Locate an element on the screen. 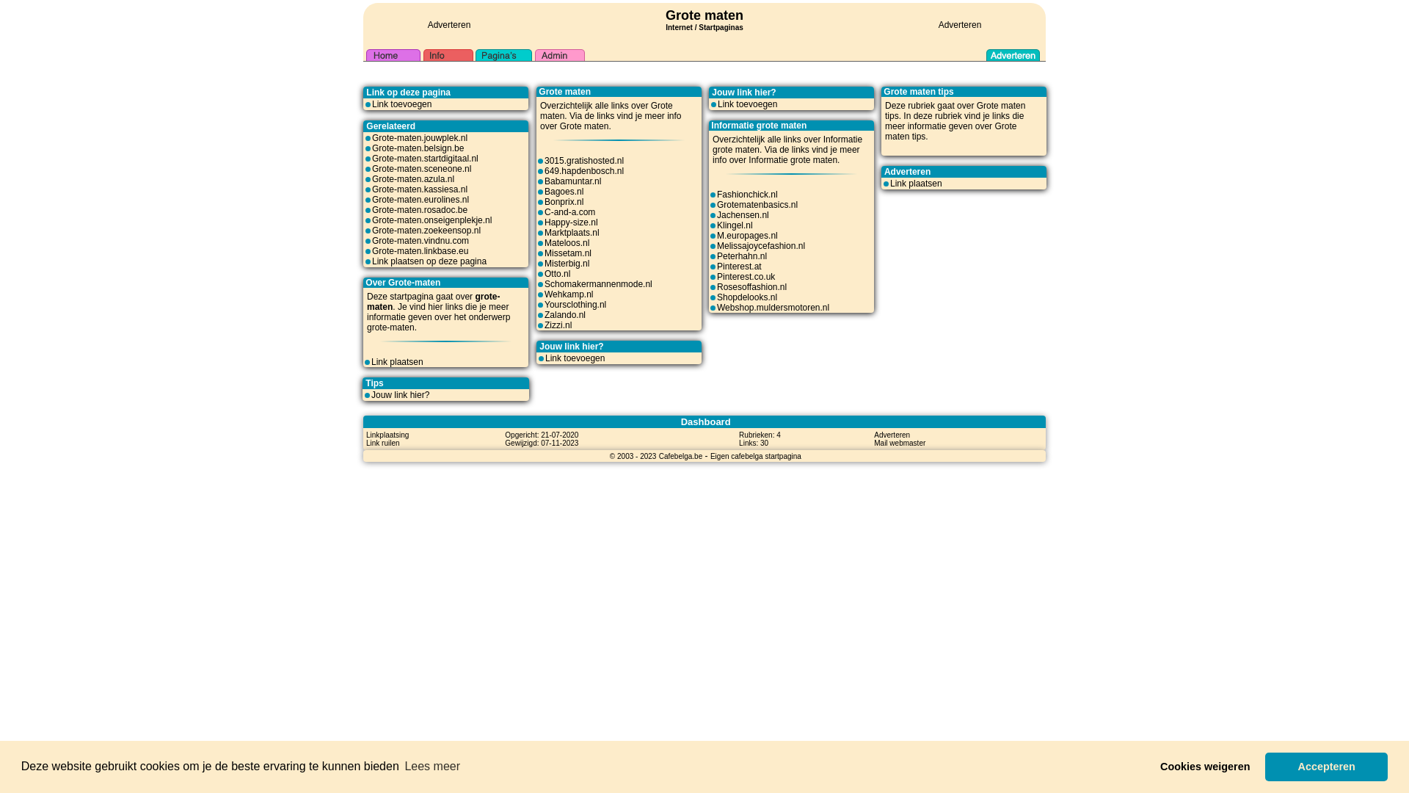  'Fashionchick.nl' is located at coordinates (747, 194).